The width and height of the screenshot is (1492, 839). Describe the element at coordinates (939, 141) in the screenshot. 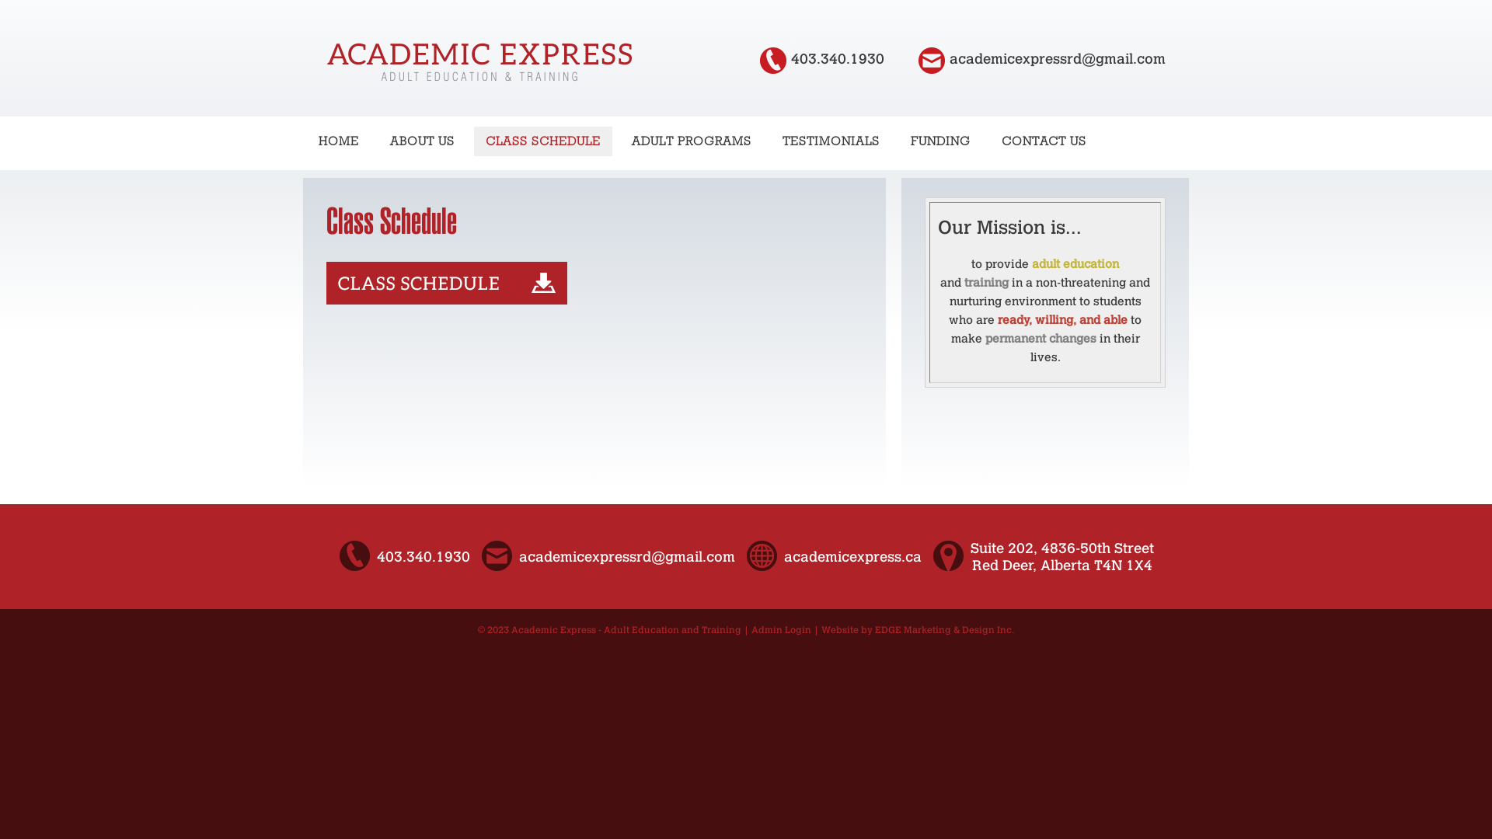

I see `'FUNDING'` at that location.